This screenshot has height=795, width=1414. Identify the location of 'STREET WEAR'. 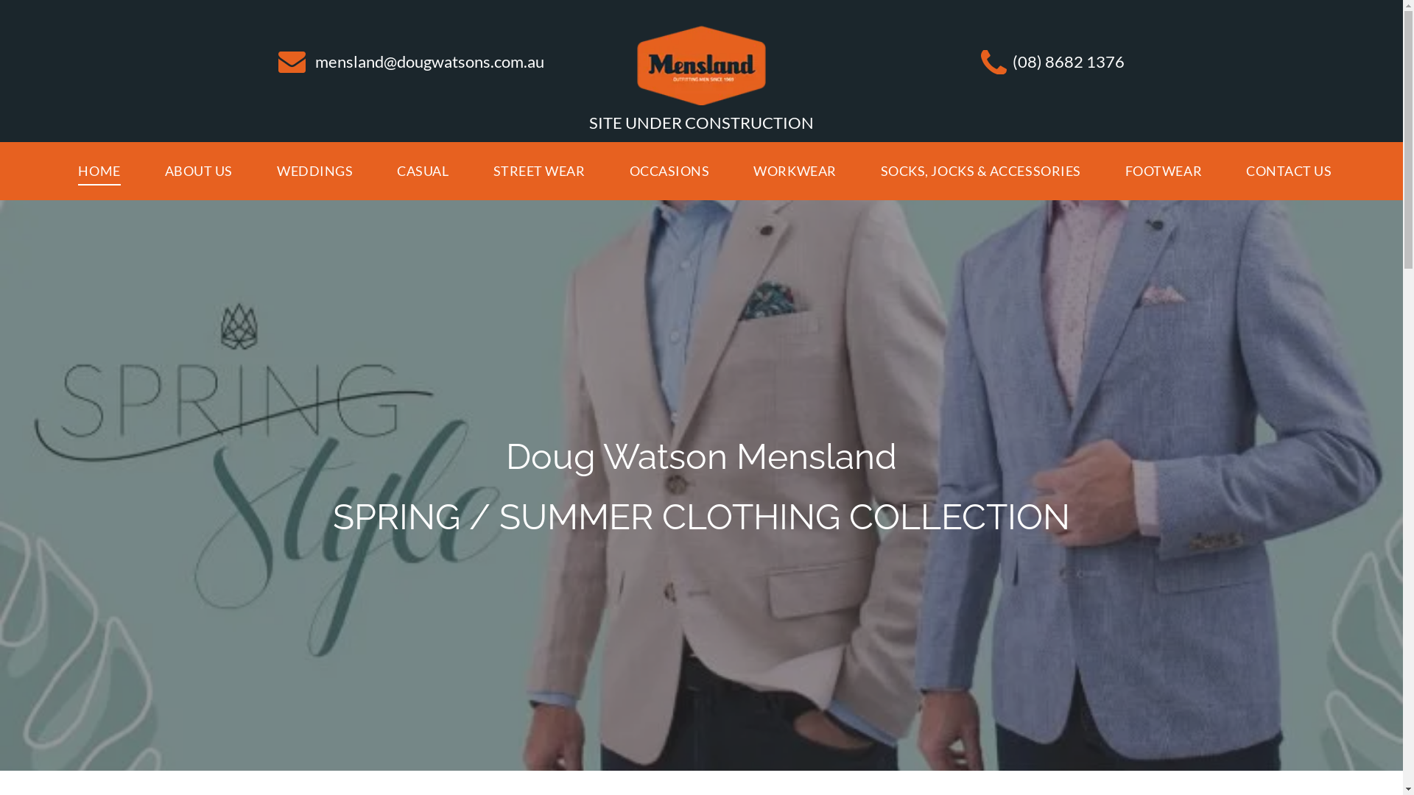
(538, 170).